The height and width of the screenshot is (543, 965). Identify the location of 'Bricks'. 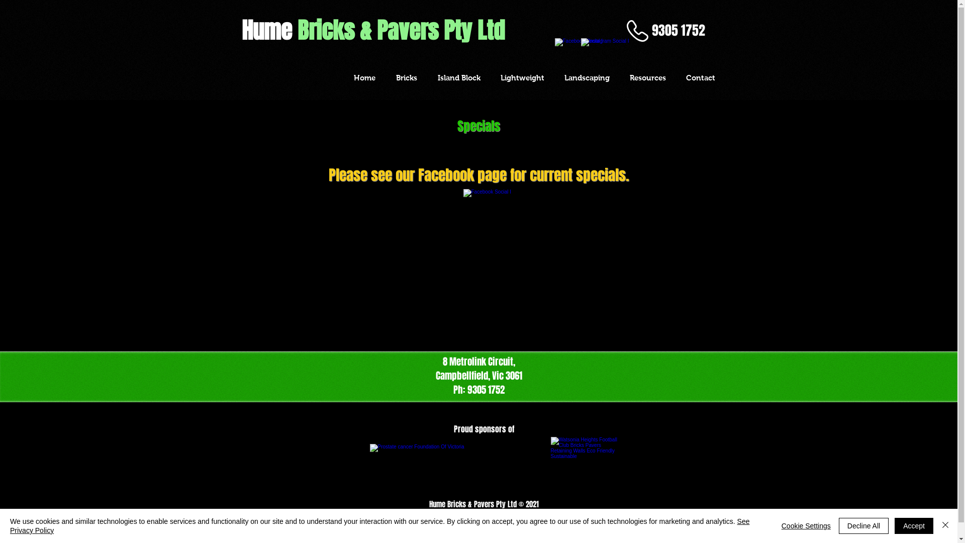
(407, 77).